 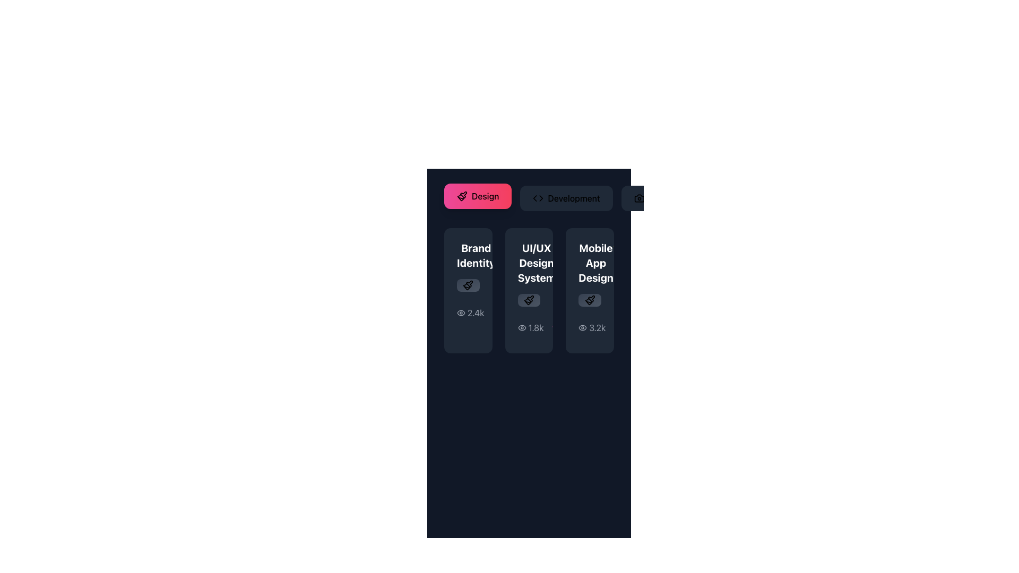 What do you see at coordinates (589, 300) in the screenshot?
I see `the paintbrush icon representing design functionalities located in the third segment of the 'Mobile App Design' cards, positioned below the title text and above the '3.2k' caption` at bounding box center [589, 300].